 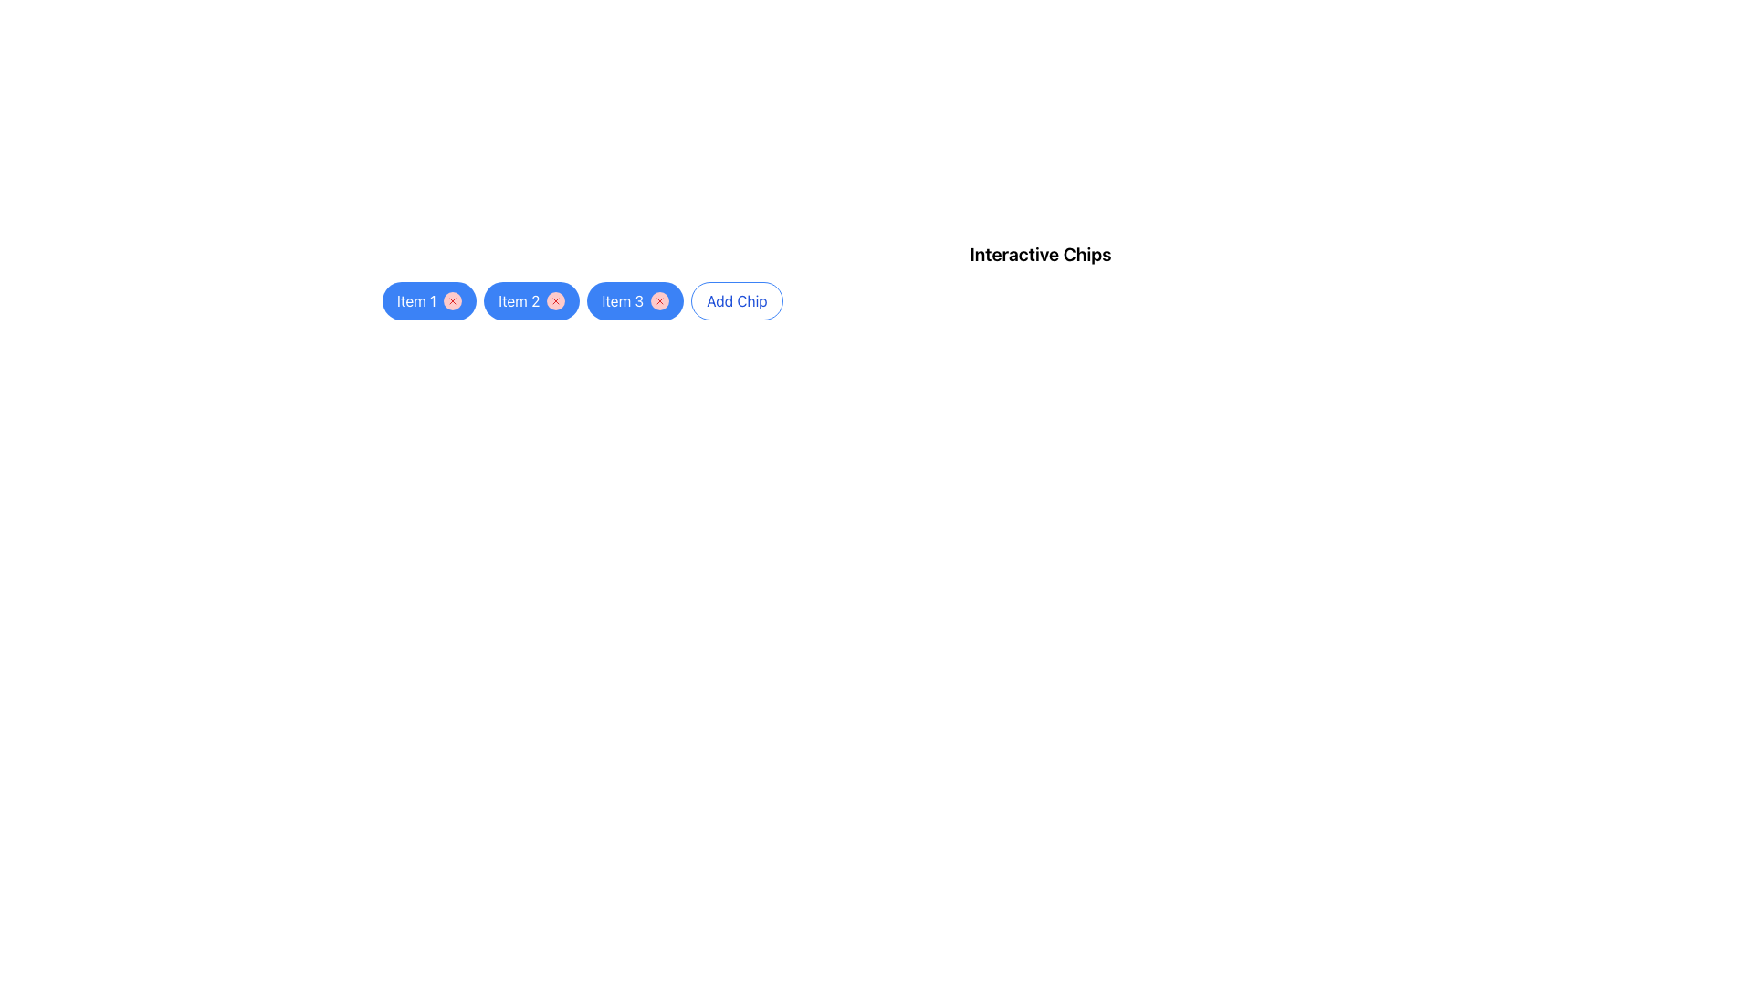 What do you see at coordinates (737, 300) in the screenshot?
I see `the 'Add Chip' button, which is a rounded rectangular button with bold blue text and a blue border, located at the bottom-right corner of the button group` at bounding box center [737, 300].